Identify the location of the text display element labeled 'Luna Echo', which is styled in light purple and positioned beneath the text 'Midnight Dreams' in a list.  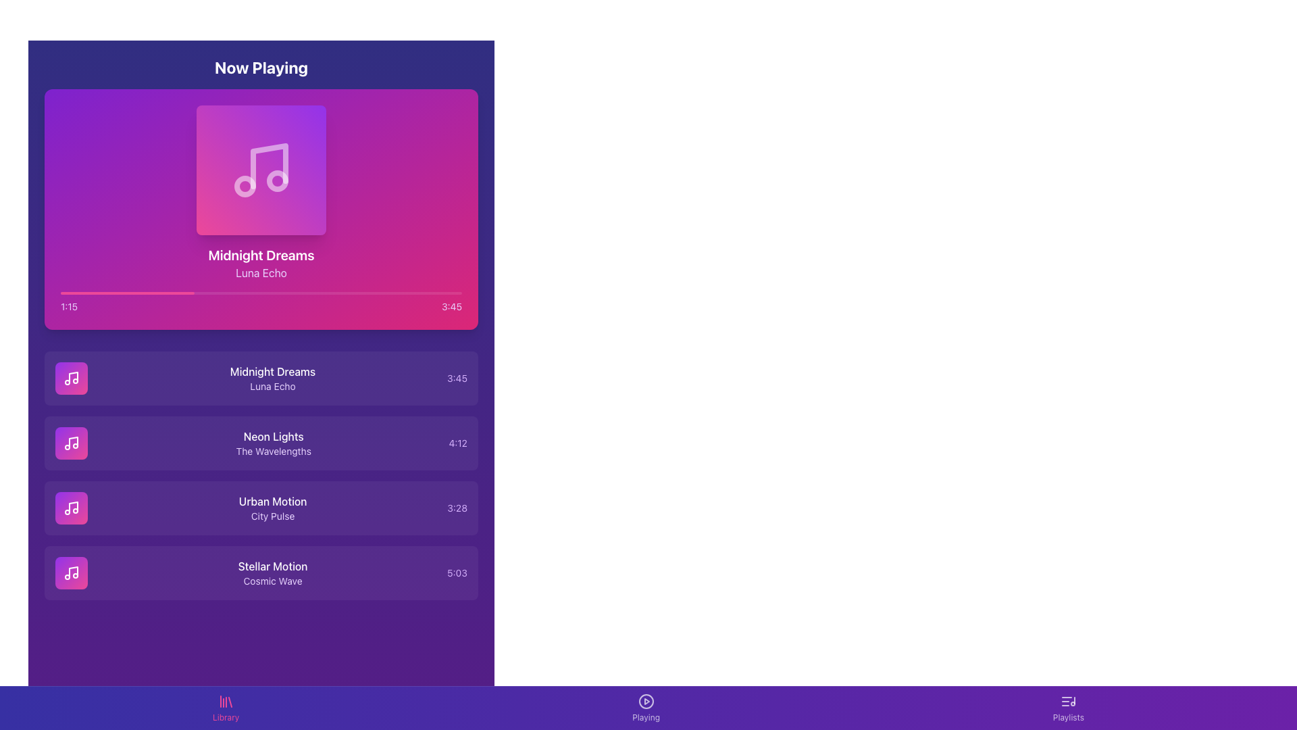
(272, 386).